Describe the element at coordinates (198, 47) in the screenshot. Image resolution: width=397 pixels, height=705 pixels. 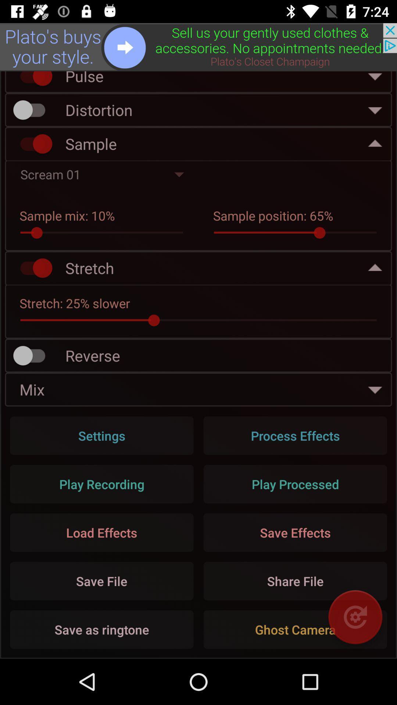
I see `advertisement` at that location.